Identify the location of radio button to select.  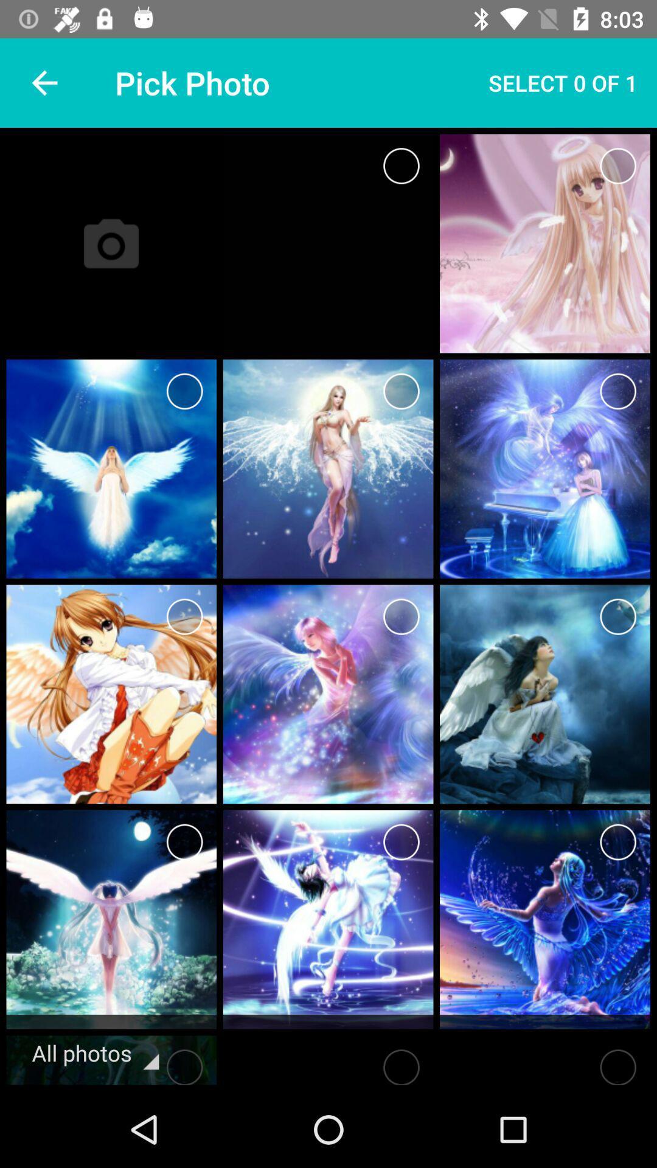
(184, 391).